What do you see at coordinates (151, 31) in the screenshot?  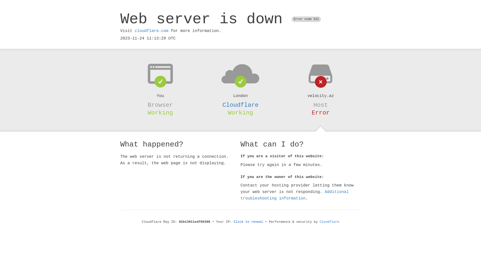 I see `'cloudflare.com'` at bounding box center [151, 31].